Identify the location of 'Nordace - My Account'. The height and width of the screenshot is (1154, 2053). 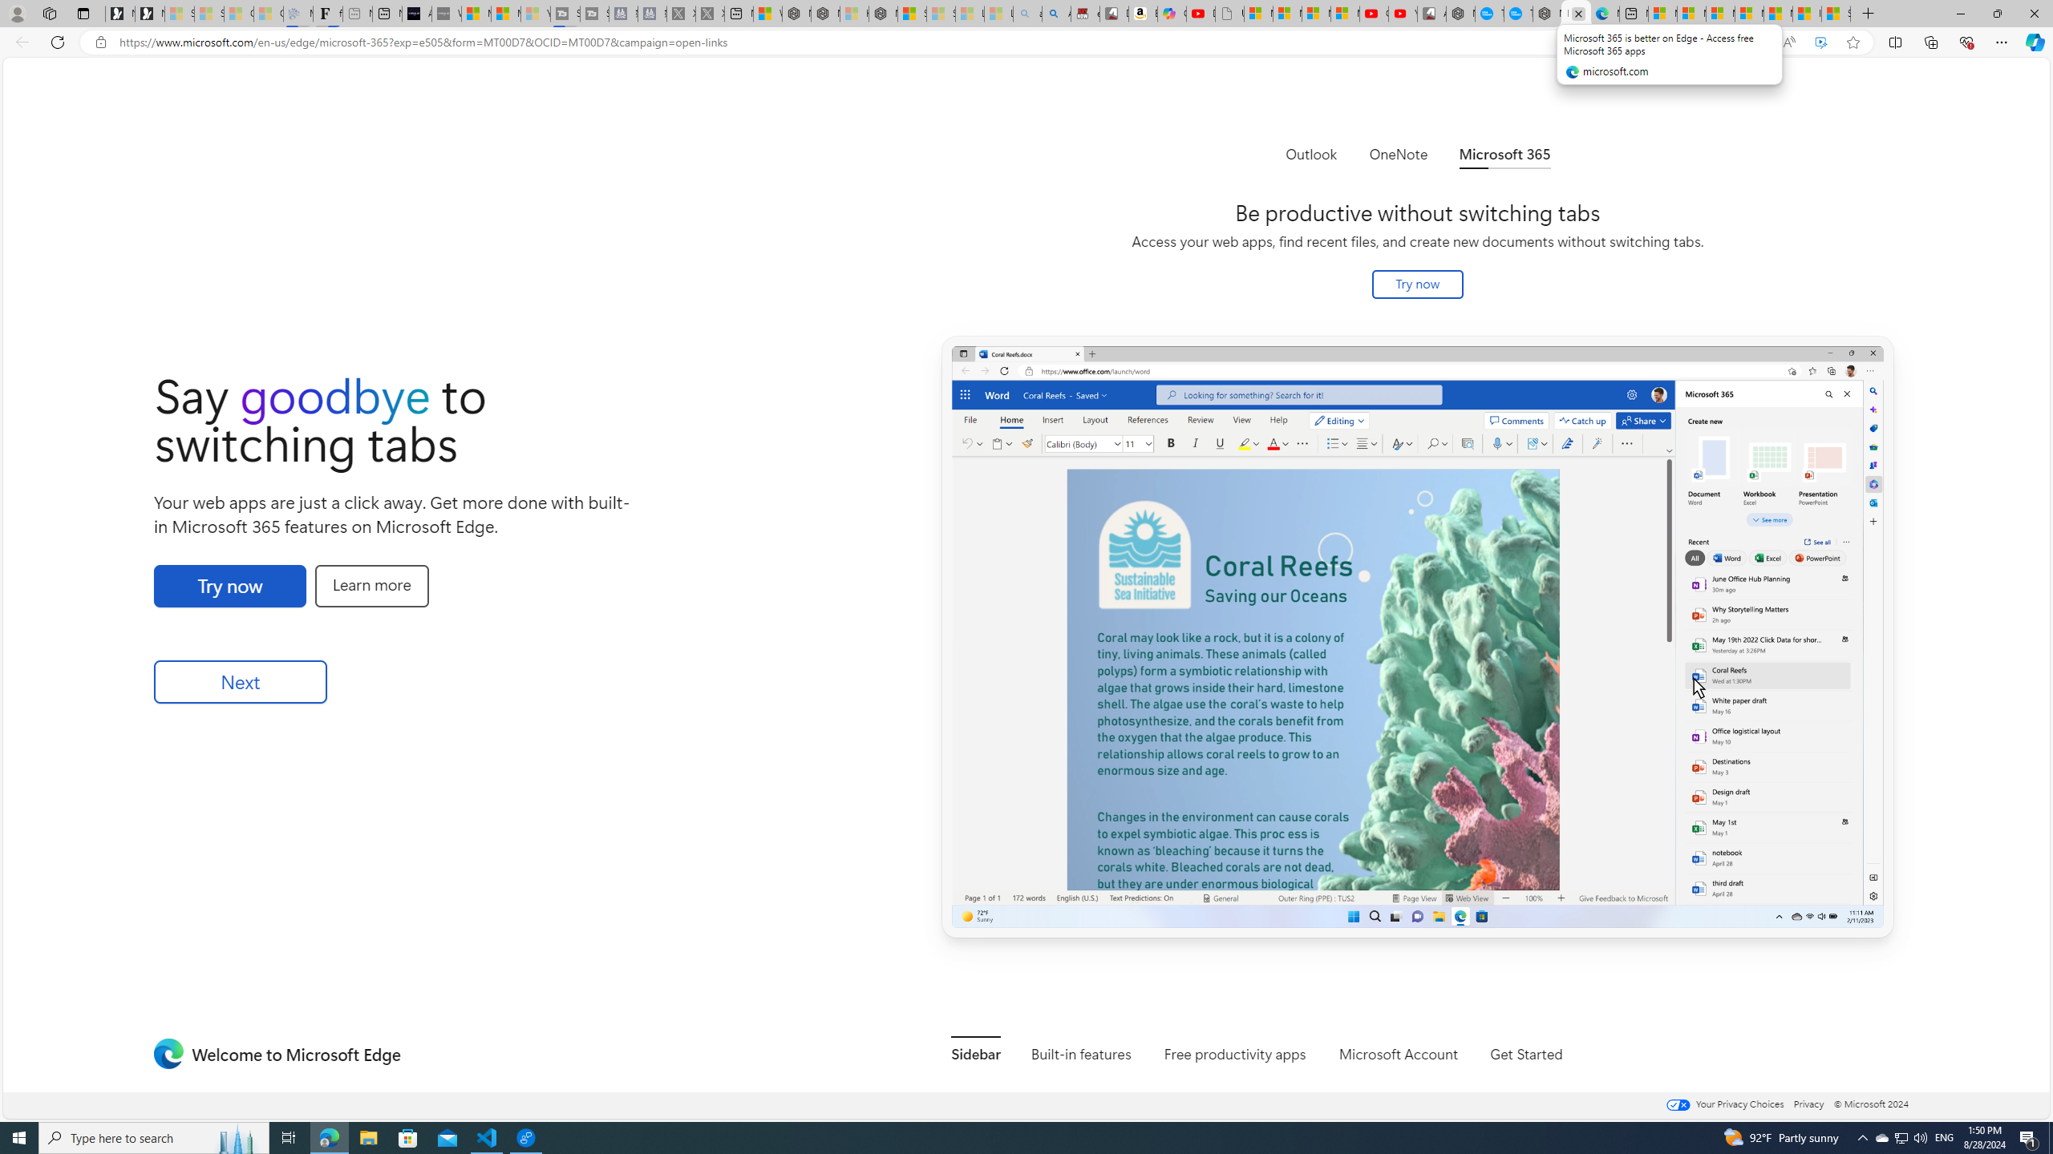
(1460, 13).